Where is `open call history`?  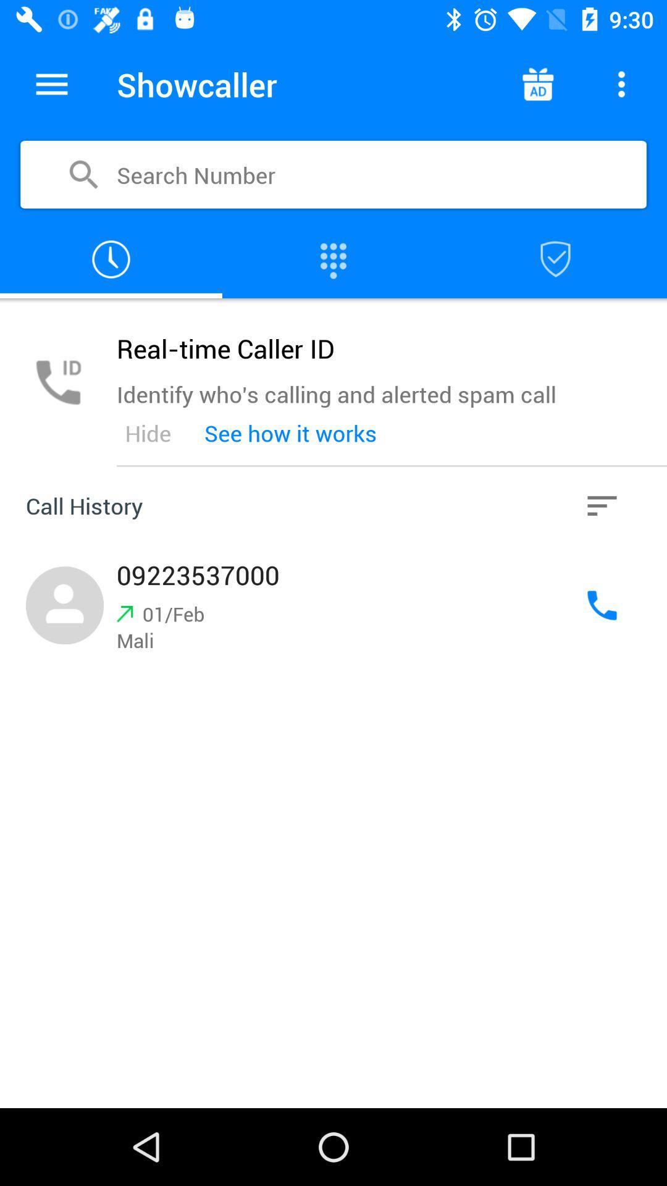 open call history is located at coordinates (602, 506).